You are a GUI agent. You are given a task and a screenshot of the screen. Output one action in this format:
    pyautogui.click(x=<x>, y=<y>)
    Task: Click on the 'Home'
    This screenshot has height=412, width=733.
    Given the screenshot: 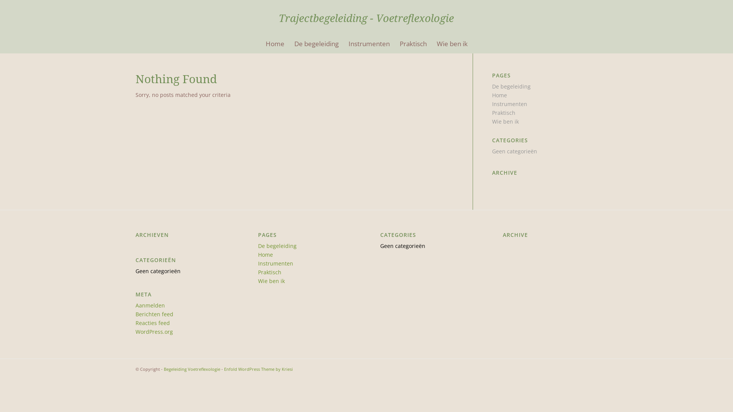 What is the action you would take?
    pyautogui.click(x=499, y=95)
    